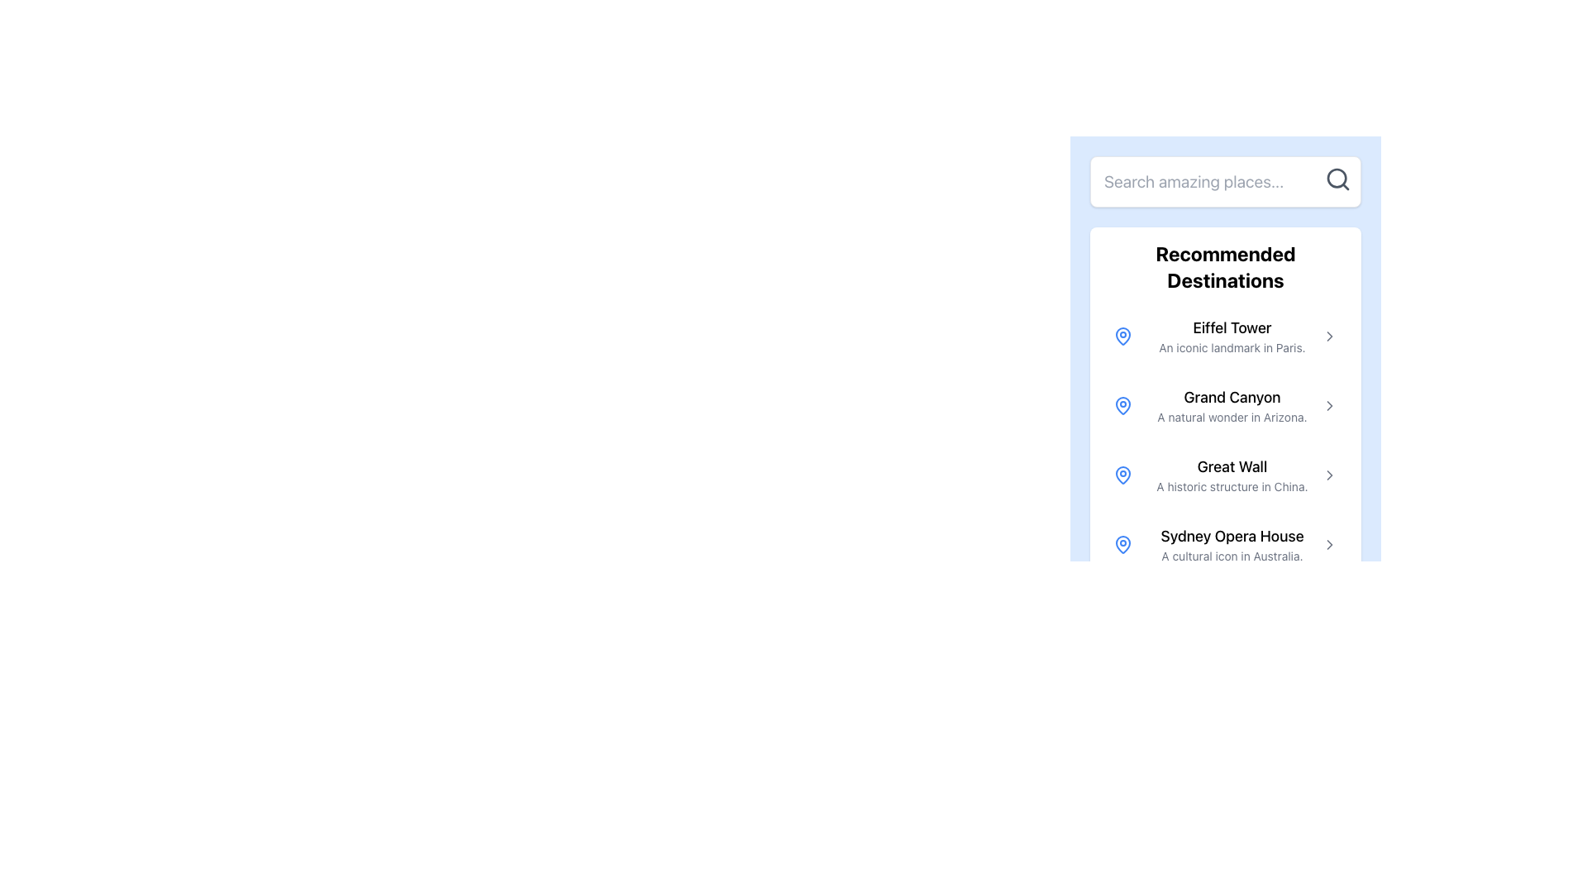  Describe the element at coordinates (1232, 486) in the screenshot. I see `text label that says "A historic structure in China." located below the bold text "Great Wall" in the Recommended Destinations section` at that location.